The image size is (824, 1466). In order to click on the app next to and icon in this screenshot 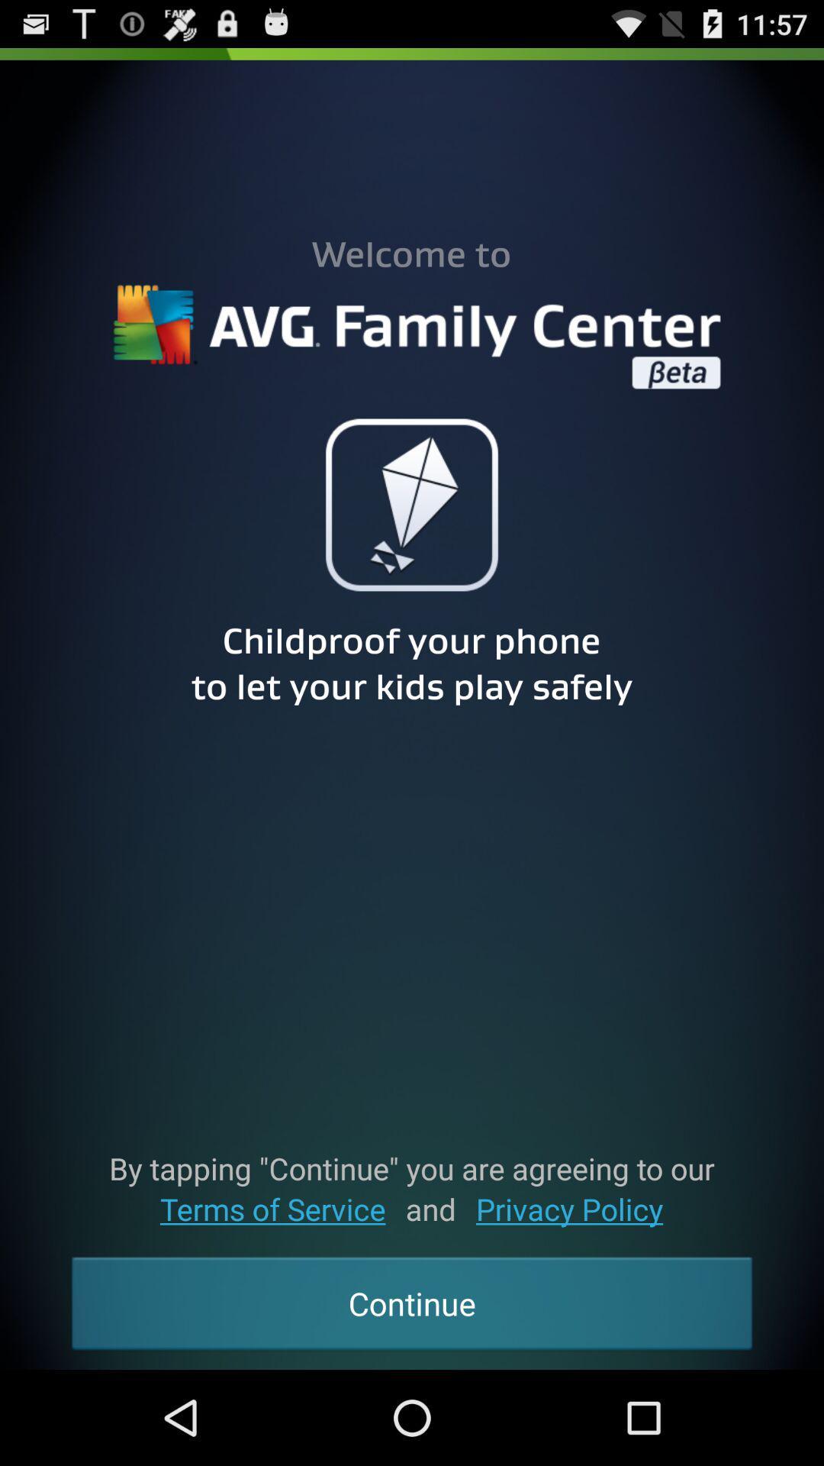, I will do `click(272, 1208)`.